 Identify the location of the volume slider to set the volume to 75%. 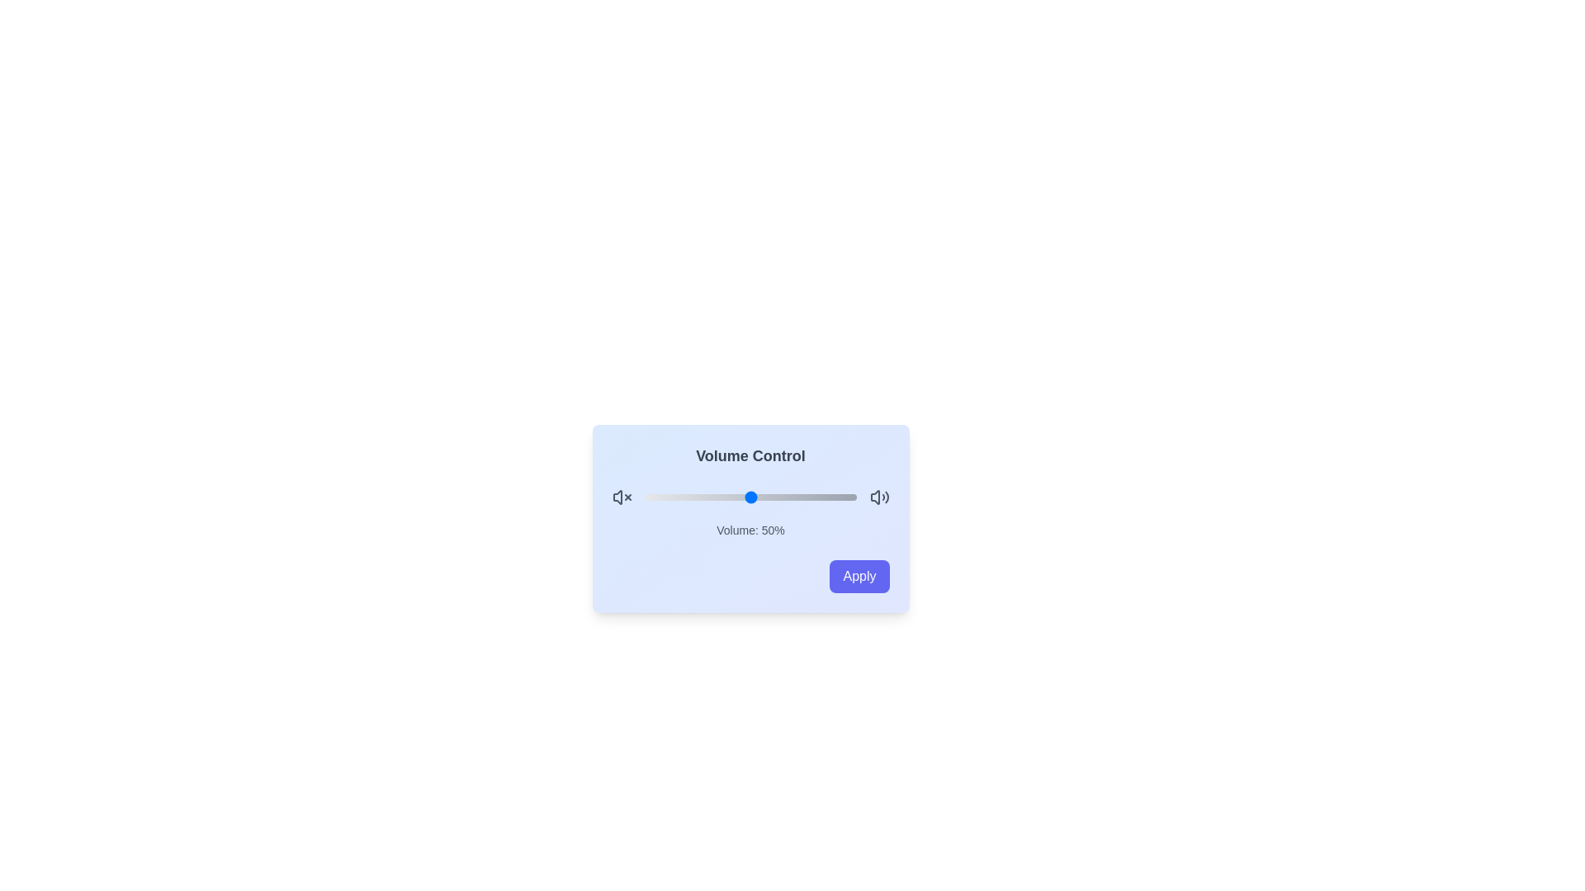
(803, 496).